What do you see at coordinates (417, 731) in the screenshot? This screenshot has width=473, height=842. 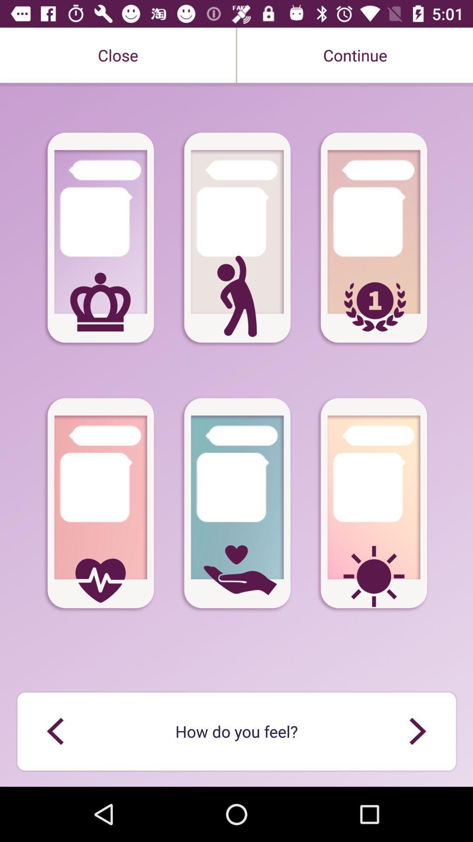 I see `the arrow_forward icon` at bounding box center [417, 731].